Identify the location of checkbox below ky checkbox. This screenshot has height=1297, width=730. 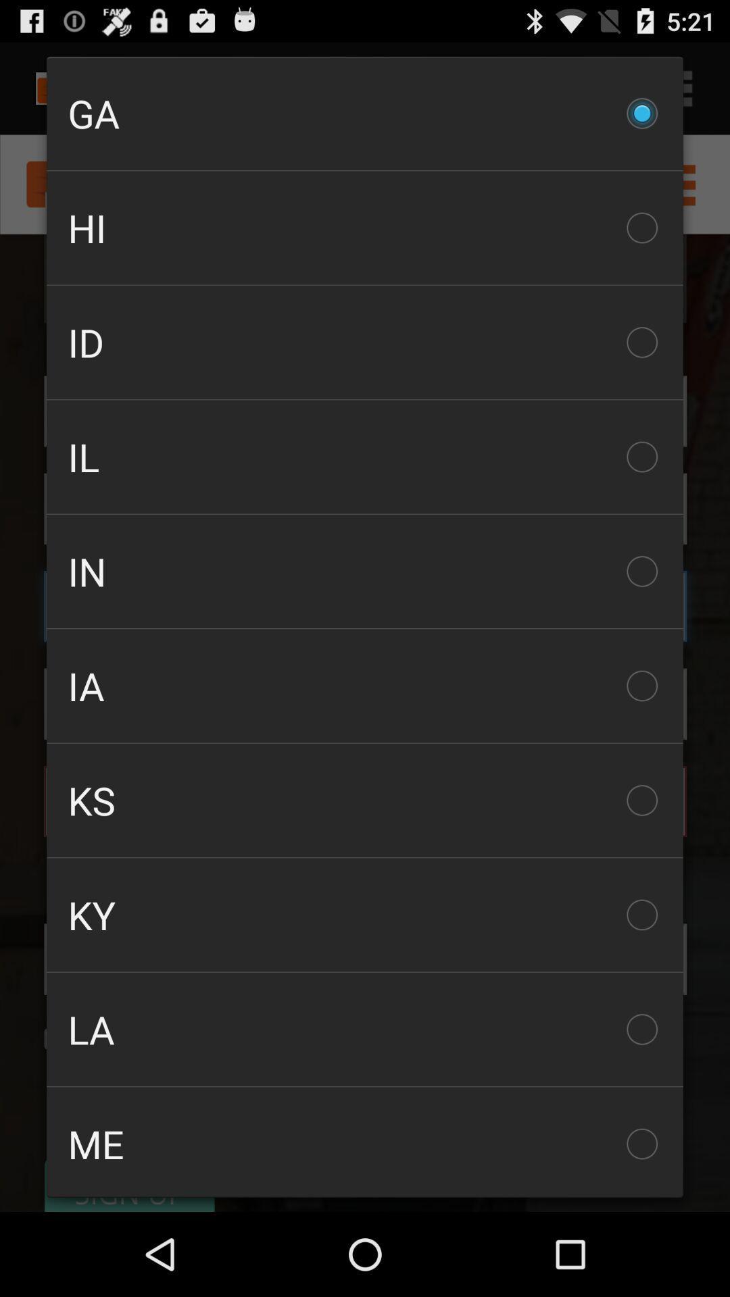
(365, 1028).